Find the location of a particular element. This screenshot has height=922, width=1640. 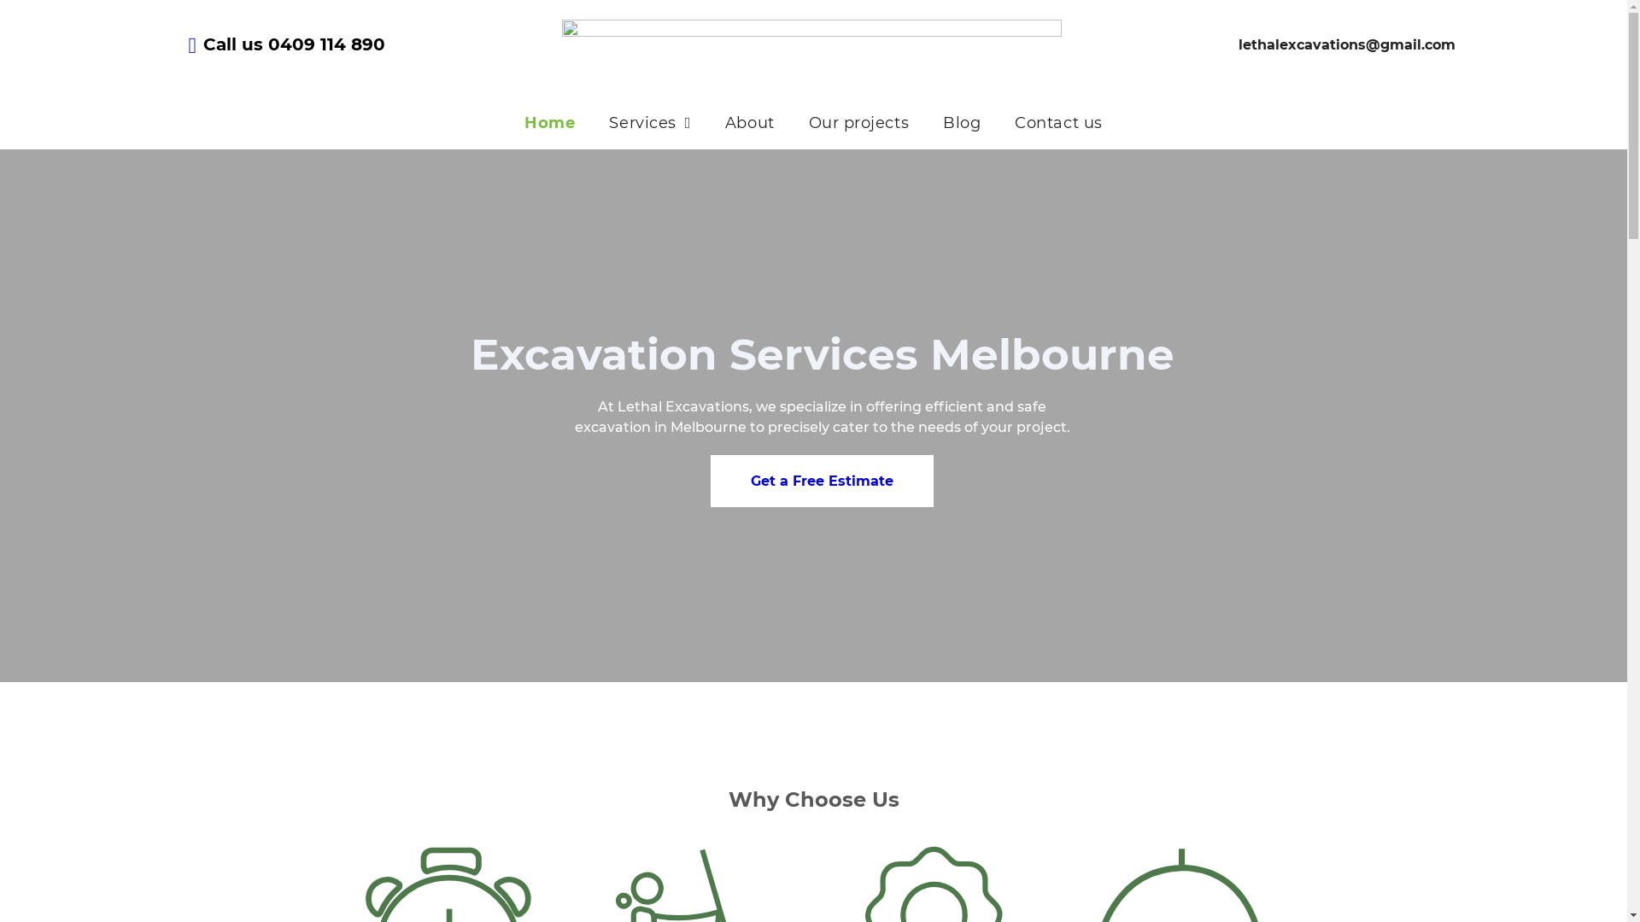

'About' is located at coordinates (750, 122).